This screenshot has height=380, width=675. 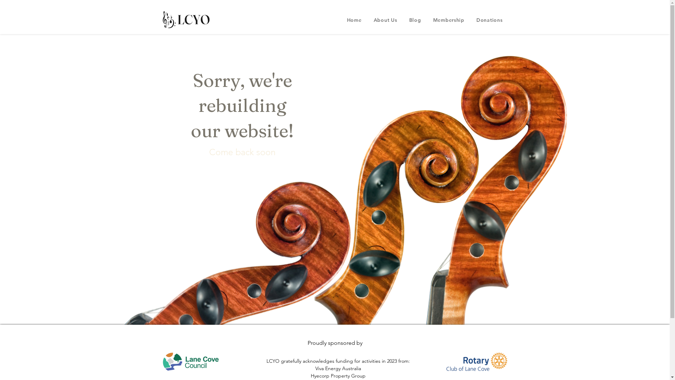 What do you see at coordinates (489, 20) in the screenshot?
I see `'Donations'` at bounding box center [489, 20].